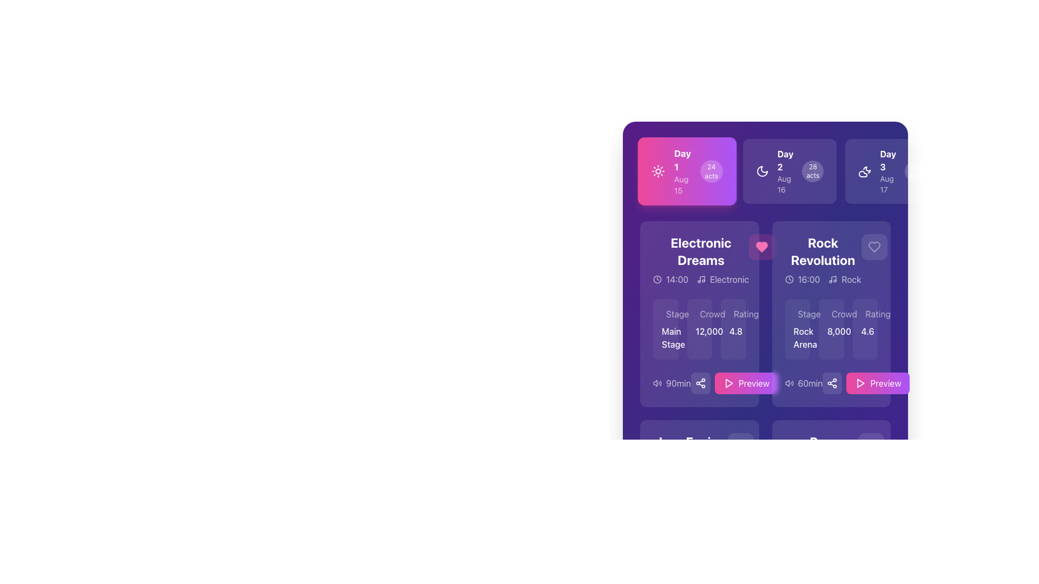  Describe the element at coordinates (678, 383) in the screenshot. I see `text content of the Label indicating a duration of 90 minutes, located at the bottom-left corner of the 'Electronic Dreams' card, next to sound and share icons, and before the 'Preview' button` at that location.